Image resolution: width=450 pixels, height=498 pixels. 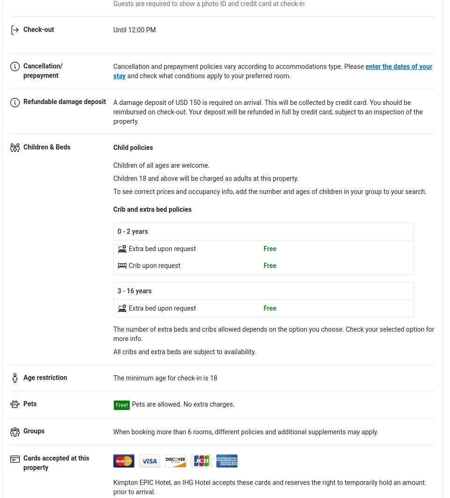 I want to click on '3 - 16 years', so click(x=134, y=290).